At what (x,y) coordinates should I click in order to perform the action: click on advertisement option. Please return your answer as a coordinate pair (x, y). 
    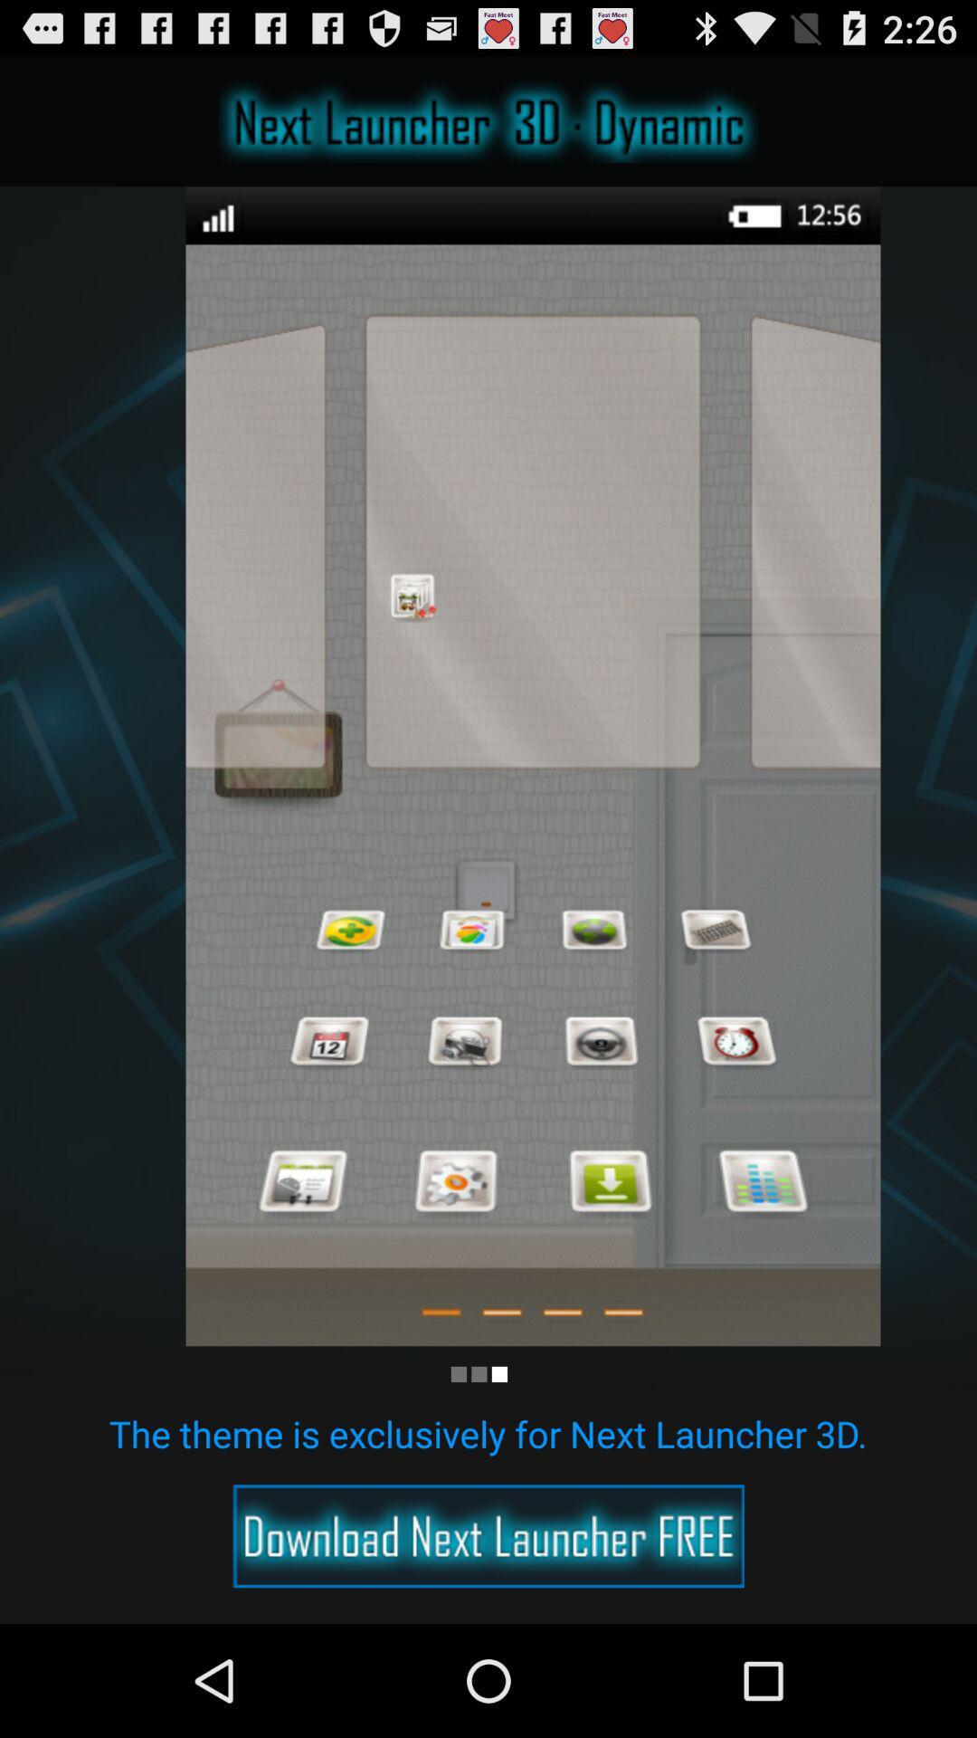
    Looking at the image, I should click on (488, 1535).